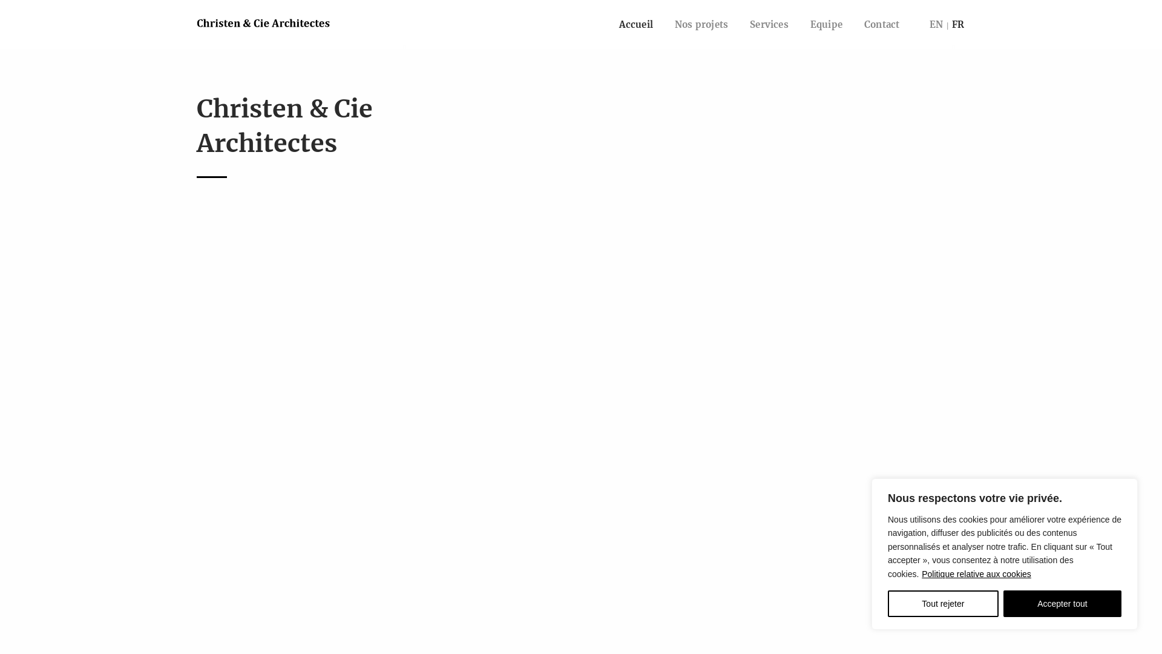  Describe the element at coordinates (635, 24) in the screenshot. I see `'Accueil'` at that location.